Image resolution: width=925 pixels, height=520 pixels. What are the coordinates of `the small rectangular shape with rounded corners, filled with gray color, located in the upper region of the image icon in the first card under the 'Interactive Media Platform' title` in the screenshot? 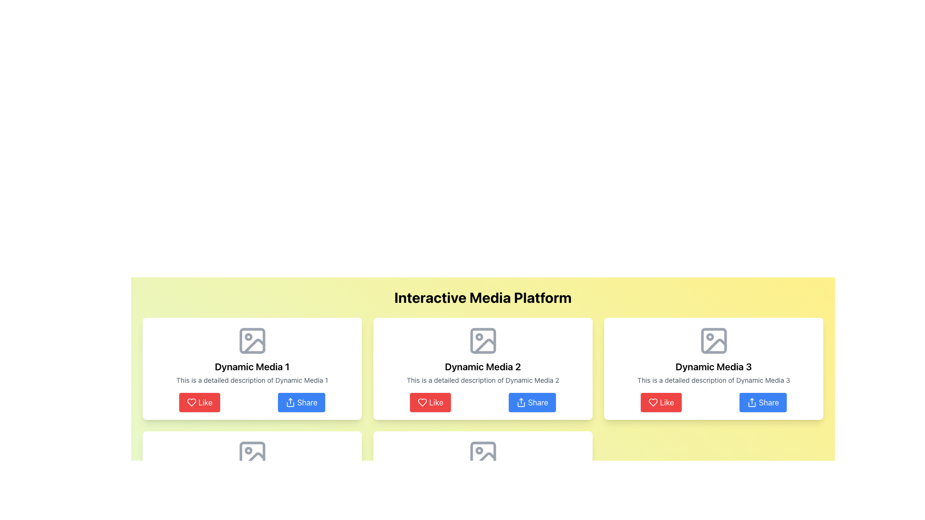 It's located at (252, 340).